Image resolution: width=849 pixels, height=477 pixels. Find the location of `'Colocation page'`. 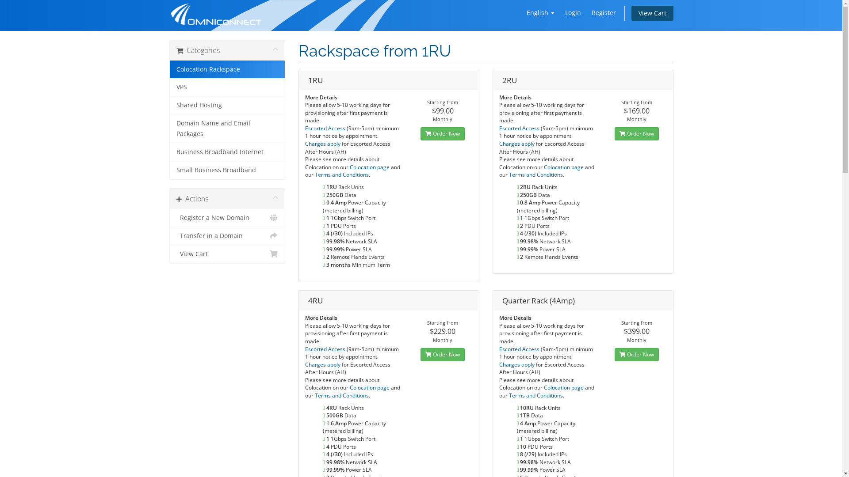

'Colocation page' is located at coordinates (370, 167).